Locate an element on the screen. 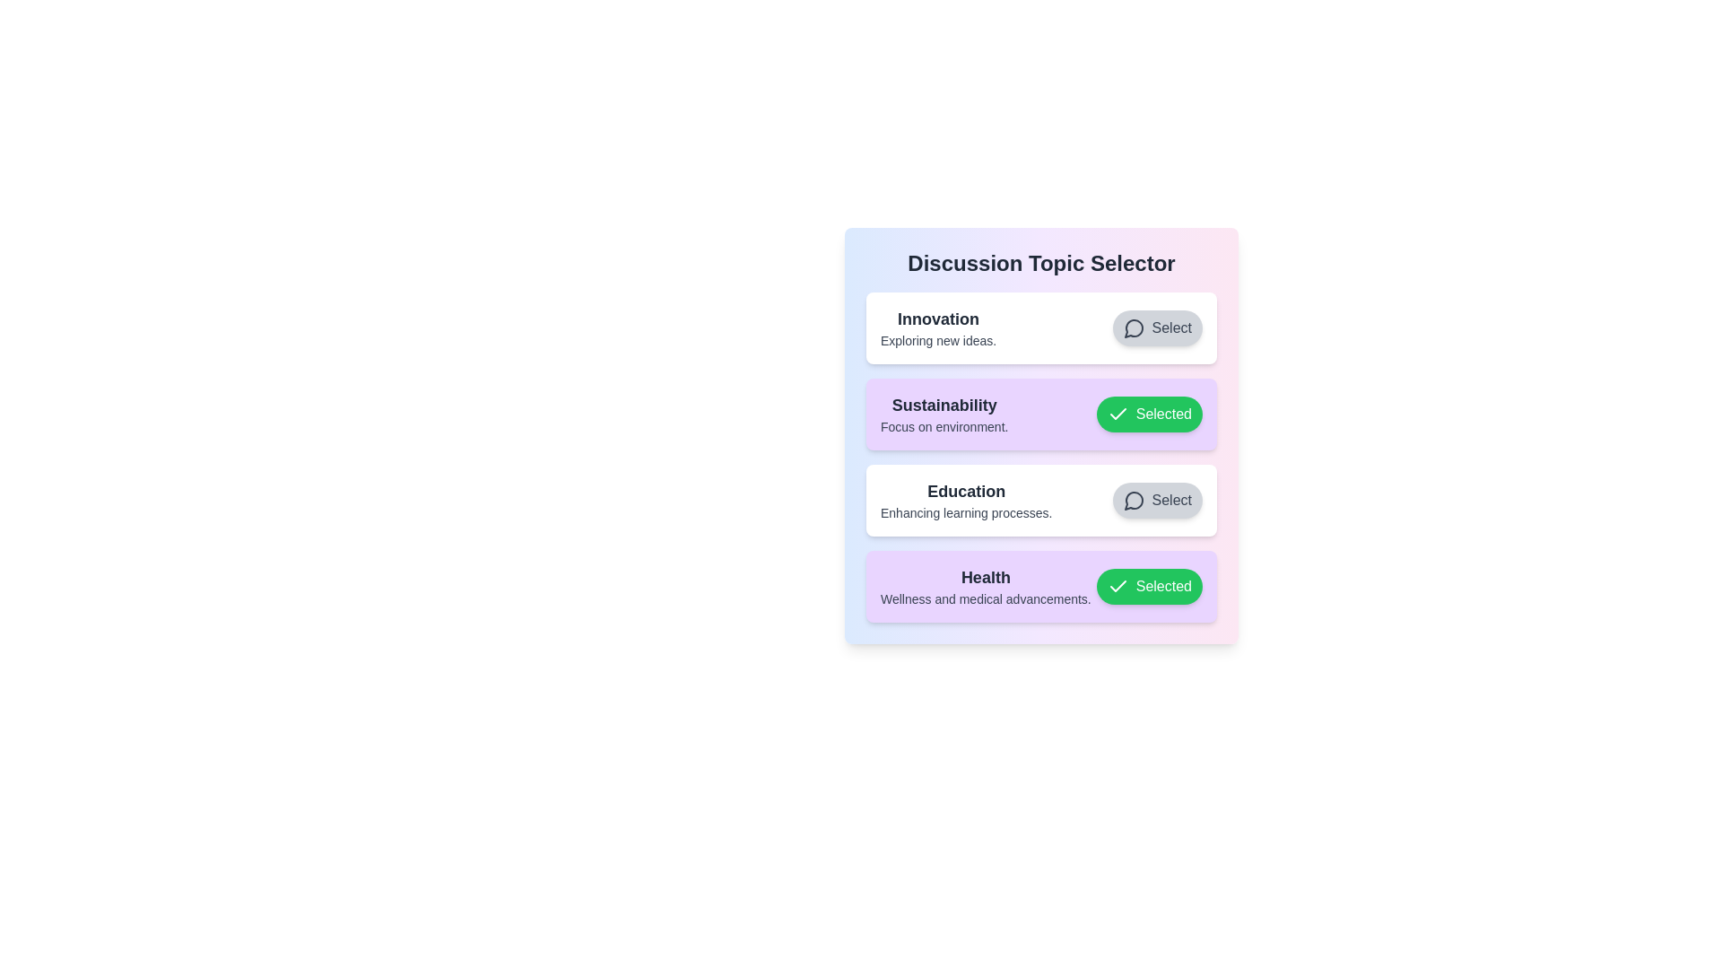  the description of the topic Health is located at coordinates (985, 587).